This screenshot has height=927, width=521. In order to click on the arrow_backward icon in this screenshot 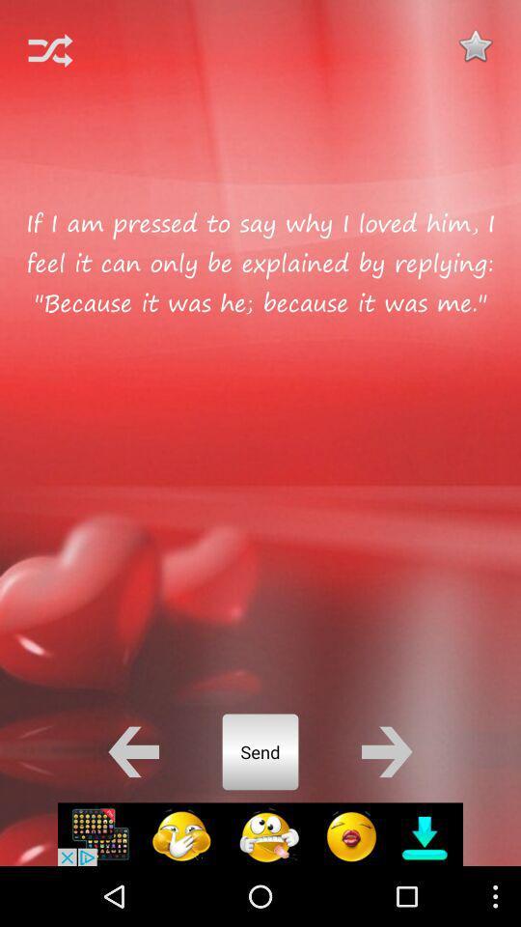, I will do `click(132, 804)`.